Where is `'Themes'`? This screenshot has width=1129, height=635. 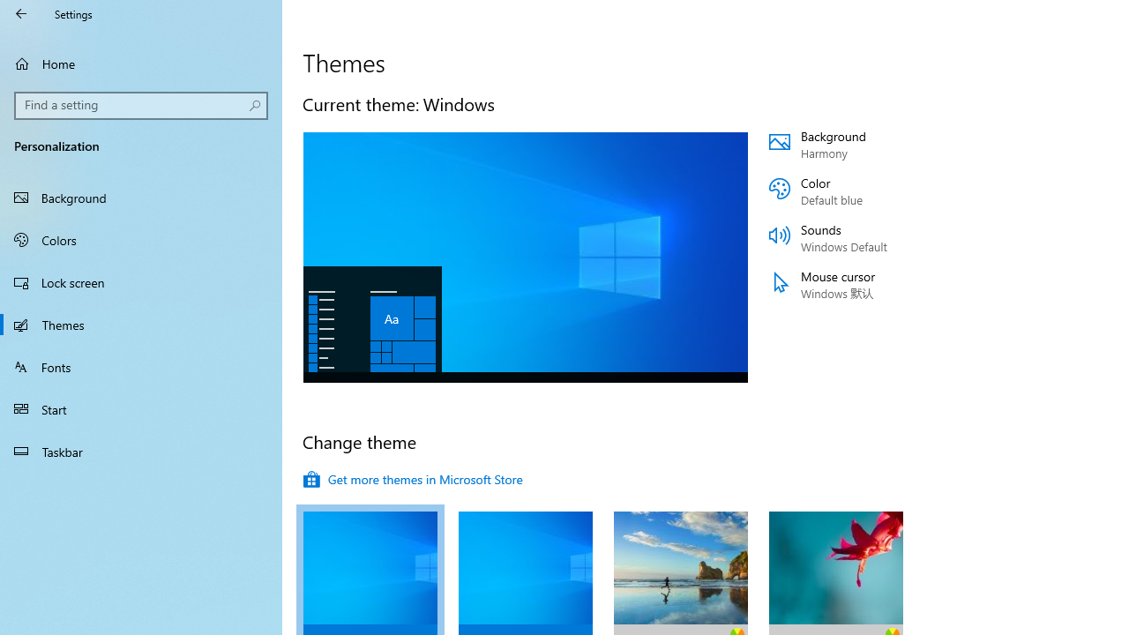
'Themes' is located at coordinates (141, 324).